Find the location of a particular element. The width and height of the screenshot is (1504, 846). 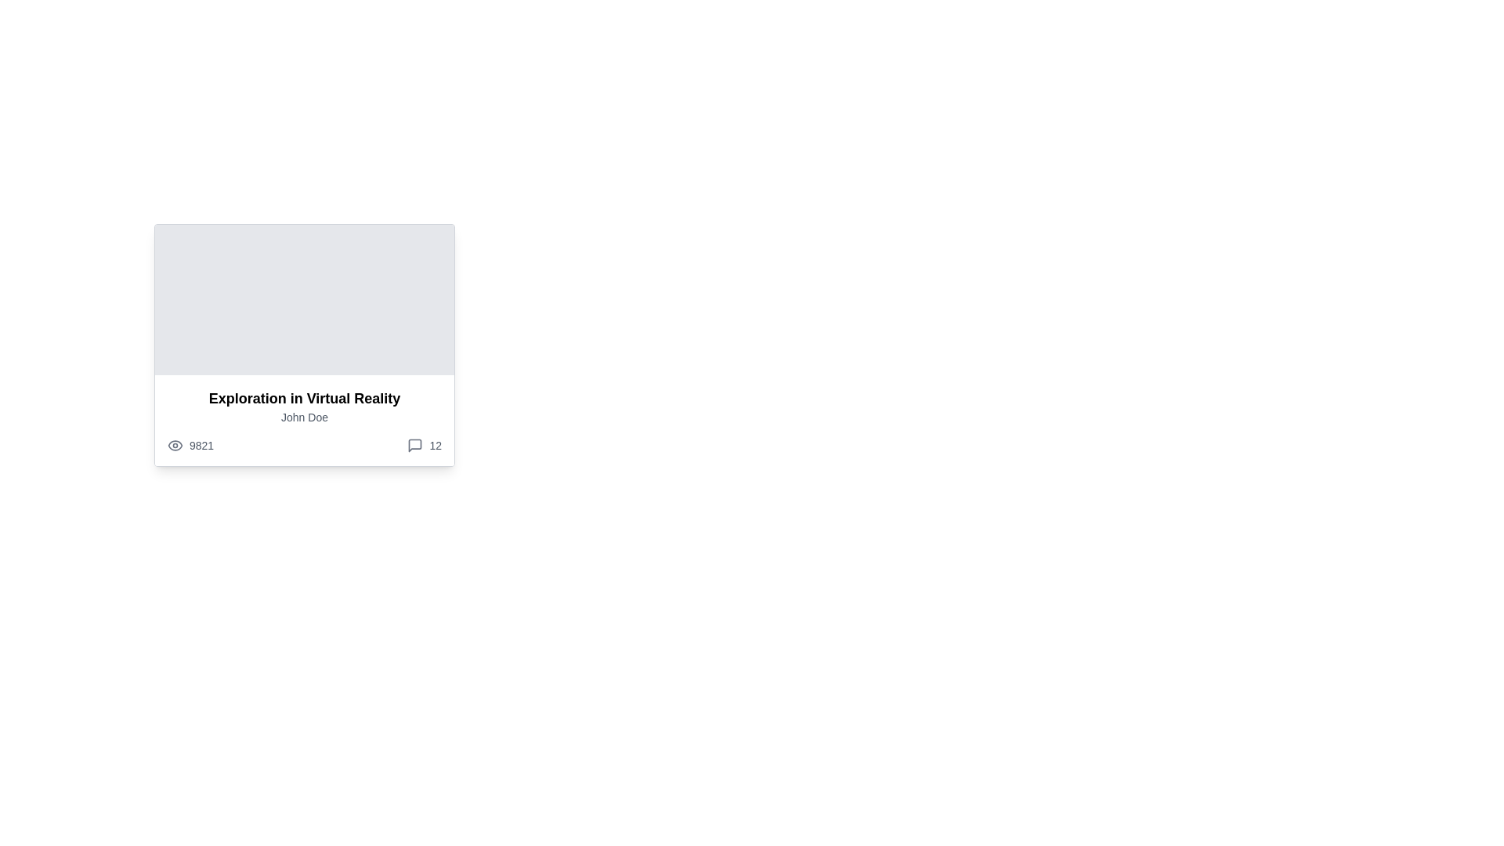

the decorative icon located in the bottom right section of the card beneath the text 'Exploration in Virtual Reality - John Doe' is located at coordinates (415, 446).